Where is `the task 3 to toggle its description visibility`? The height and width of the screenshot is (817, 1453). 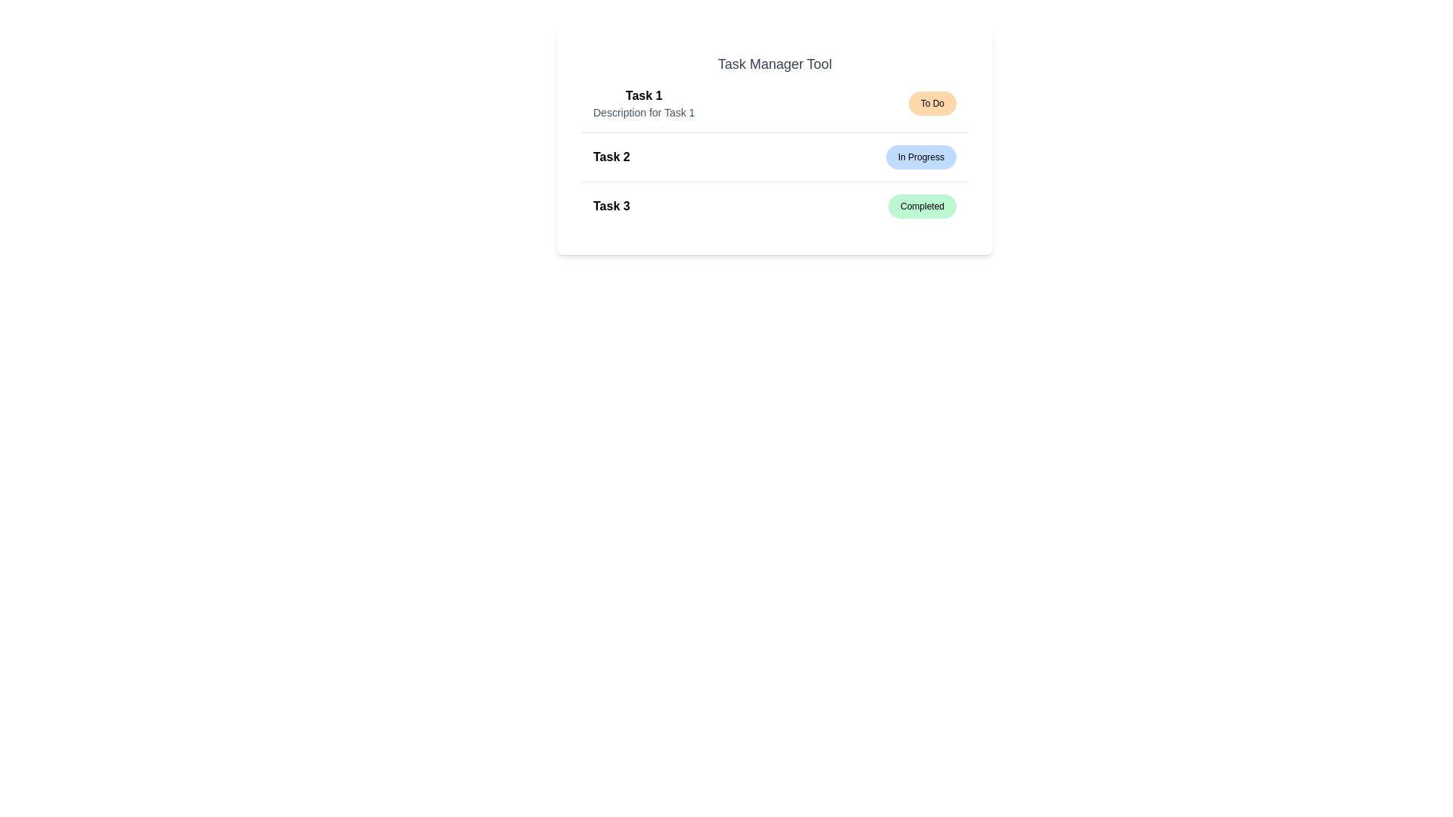
the task 3 to toggle its description visibility is located at coordinates (774, 206).